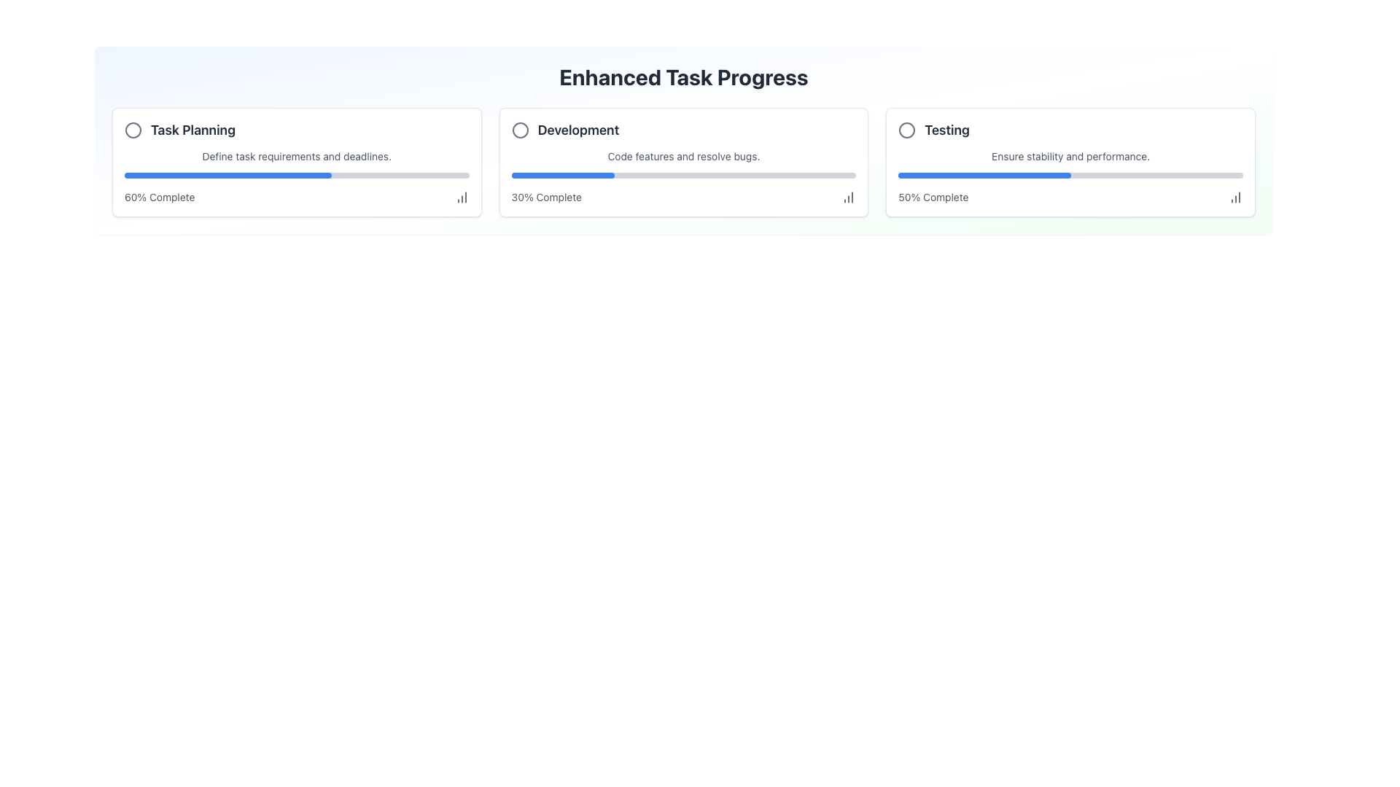 Image resolution: width=1400 pixels, height=787 pixels. Describe the element at coordinates (160, 197) in the screenshot. I see `the text label displaying '60% Complete' located in the 'Task Planning' card under the progress bar` at that location.